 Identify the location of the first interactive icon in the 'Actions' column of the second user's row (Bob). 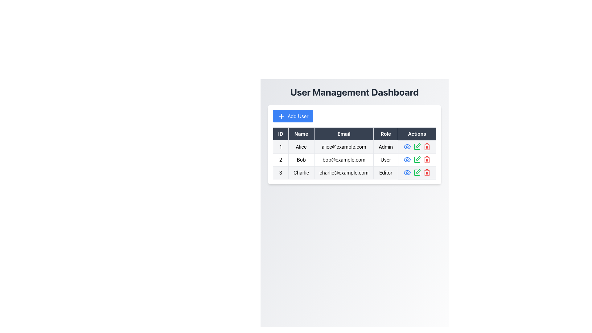
(407, 159).